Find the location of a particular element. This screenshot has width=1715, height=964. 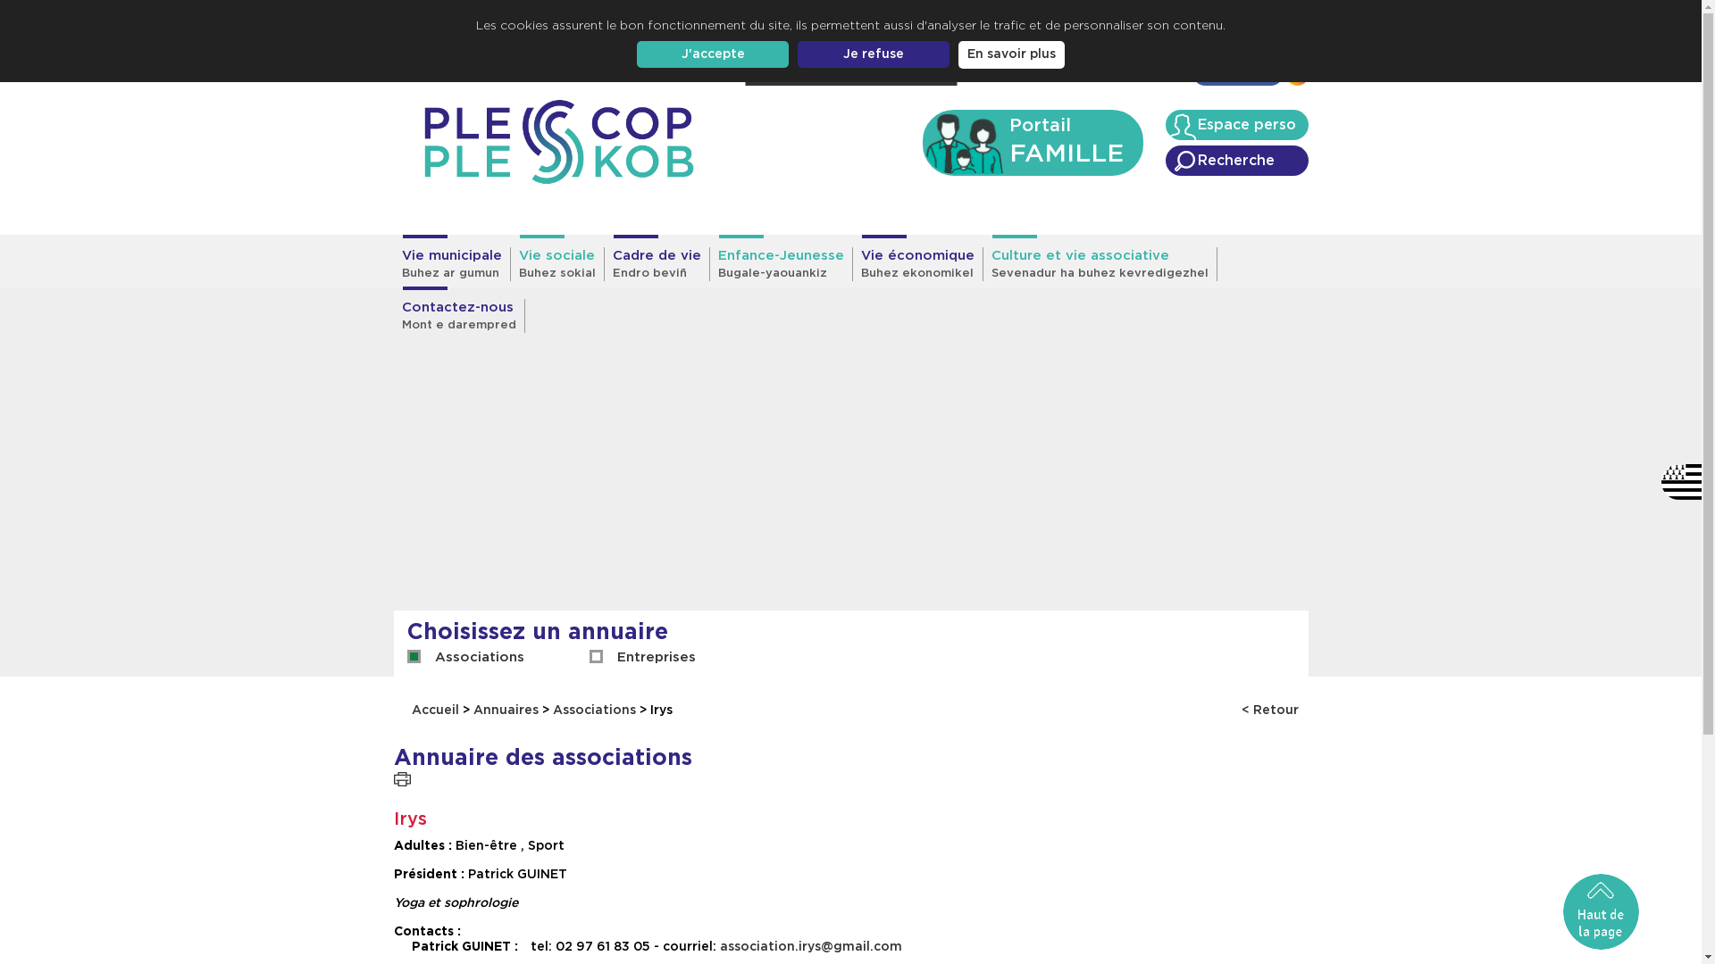

'Vie sociale is located at coordinates (509, 264).